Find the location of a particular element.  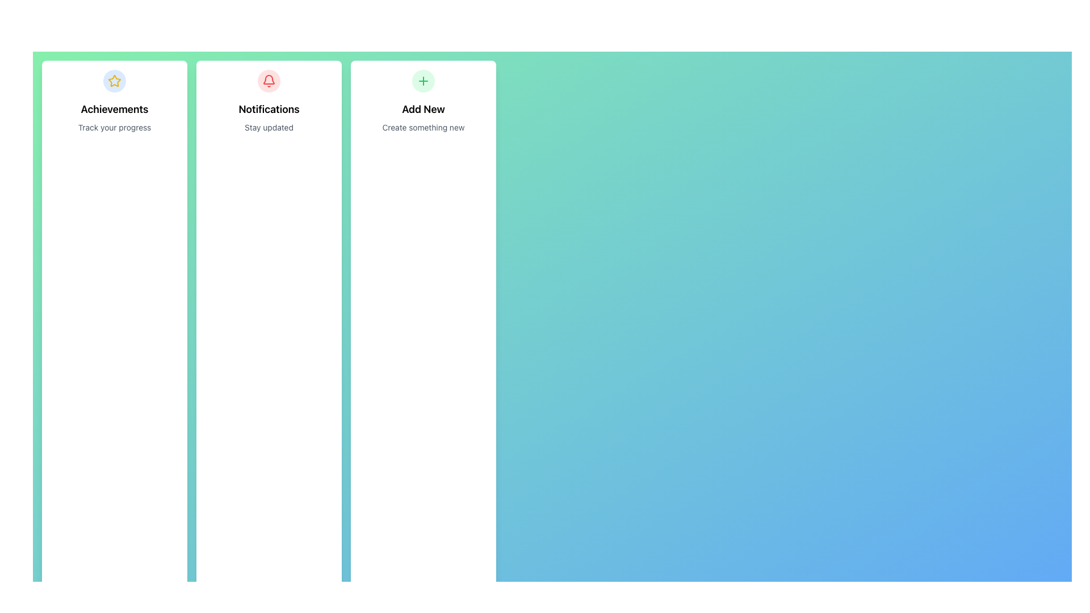

the circular green icon with a plus symbol, located above the text 'Create something new' in the 'Add New' card is located at coordinates (422, 80).